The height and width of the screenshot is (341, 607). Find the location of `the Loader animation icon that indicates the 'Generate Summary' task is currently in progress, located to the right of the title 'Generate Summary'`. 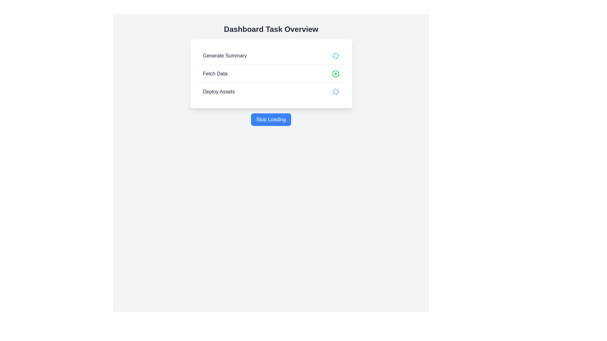

the Loader animation icon that indicates the 'Generate Summary' task is currently in progress, located to the right of the title 'Generate Summary' is located at coordinates (335, 56).